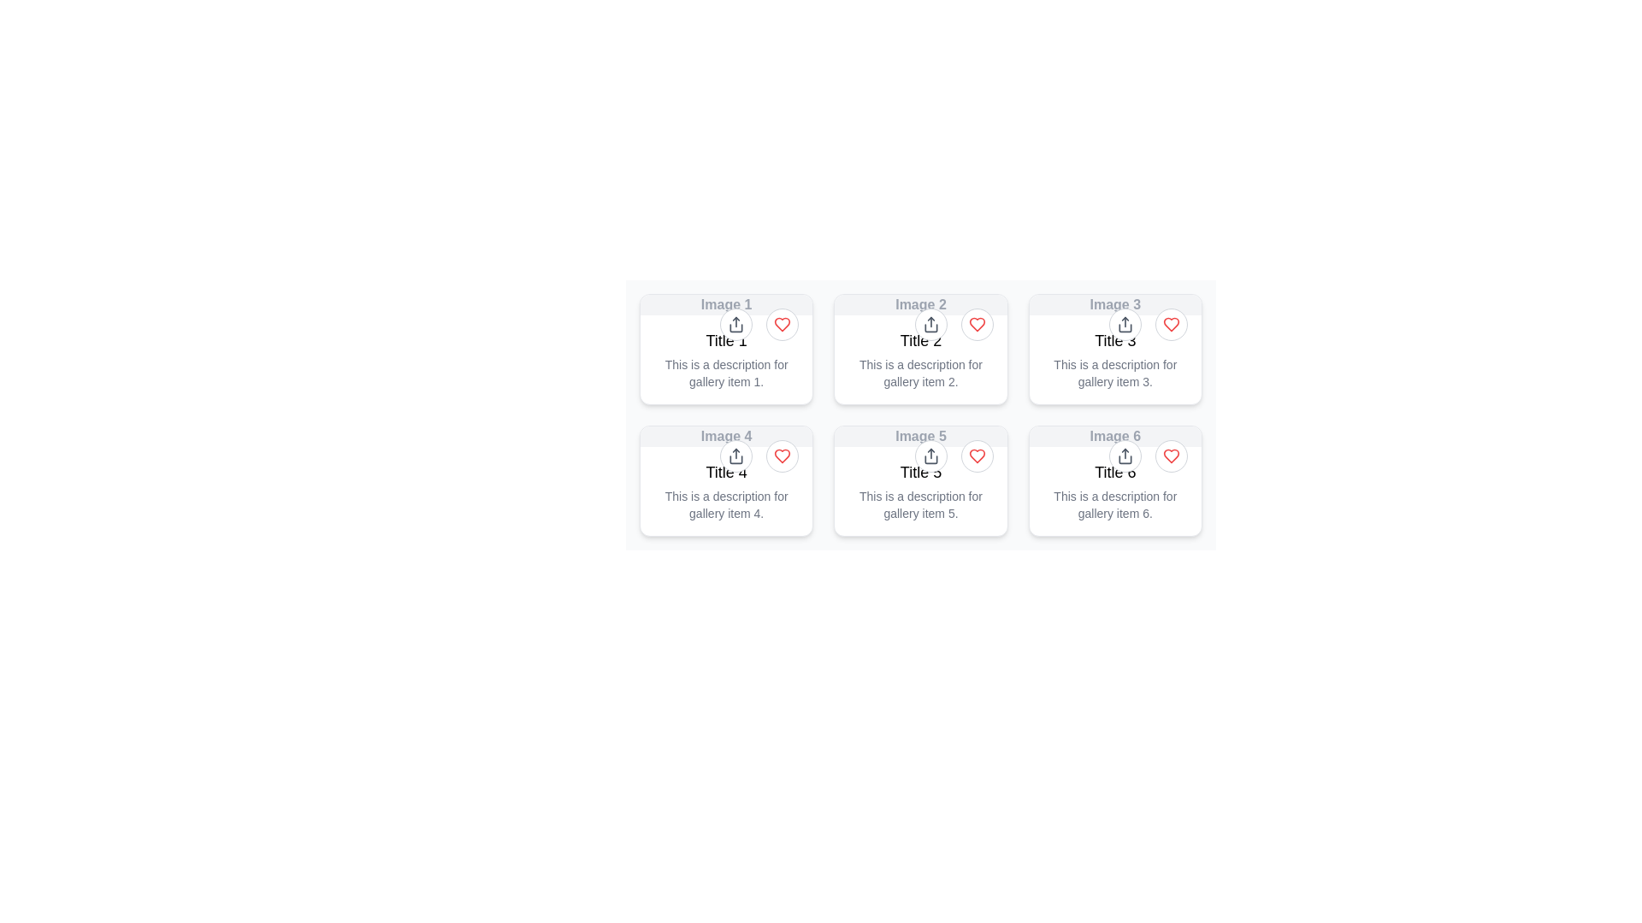 The width and height of the screenshot is (1642, 923). What do you see at coordinates (977, 325) in the screenshot?
I see `the like button located in the upper right corner of the card labeled 'Image 2 Title 2'` at bounding box center [977, 325].